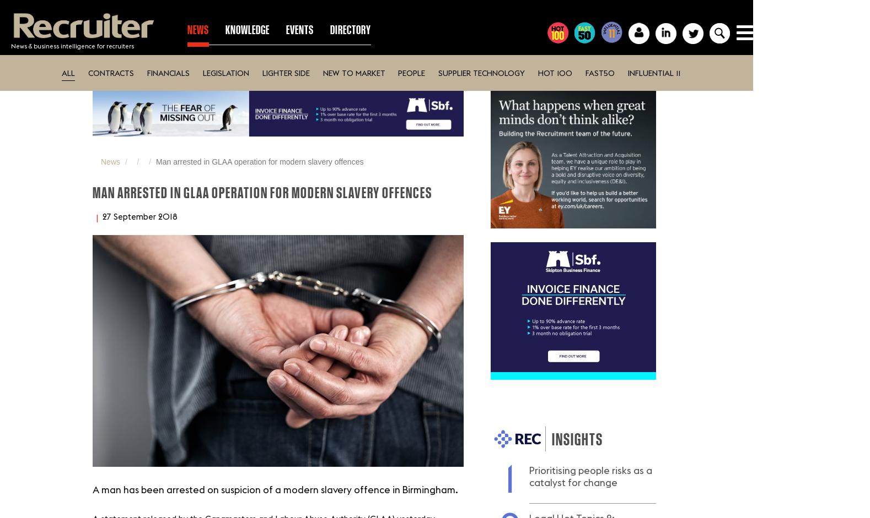 This screenshot has width=870, height=518. What do you see at coordinates (92, 489) in the screenshot?
I see `'A man has been arrested on suspicion of a modern slavery offence in Birmingham.'` at bounding box center [92, 489].